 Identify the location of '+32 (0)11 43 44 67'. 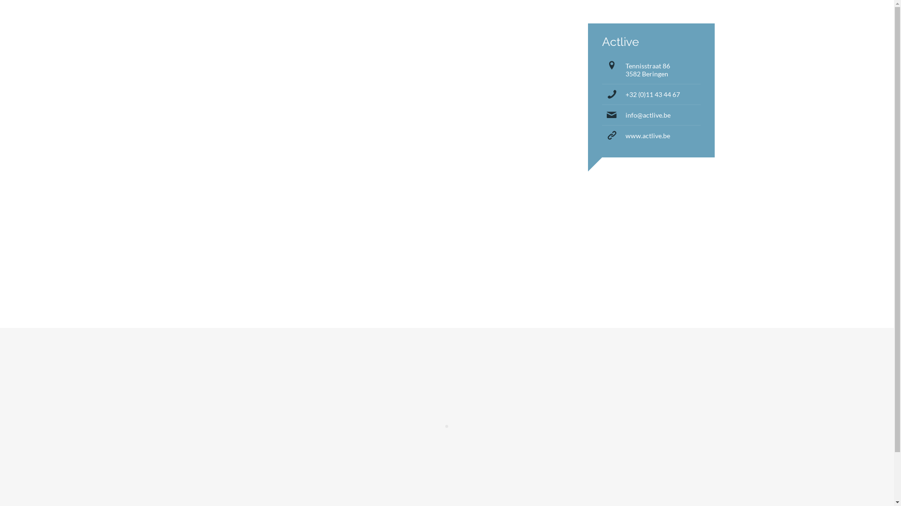
(625, 94).